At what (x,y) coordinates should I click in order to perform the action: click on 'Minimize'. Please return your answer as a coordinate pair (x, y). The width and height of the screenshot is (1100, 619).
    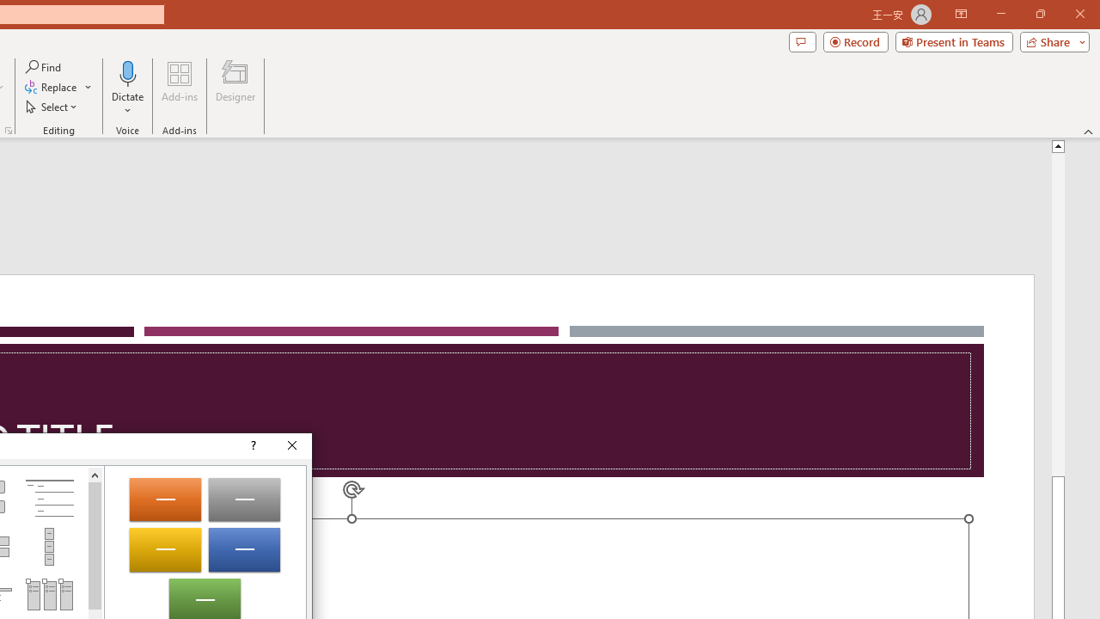
    Looking at the image, I should click on (1000, 14).